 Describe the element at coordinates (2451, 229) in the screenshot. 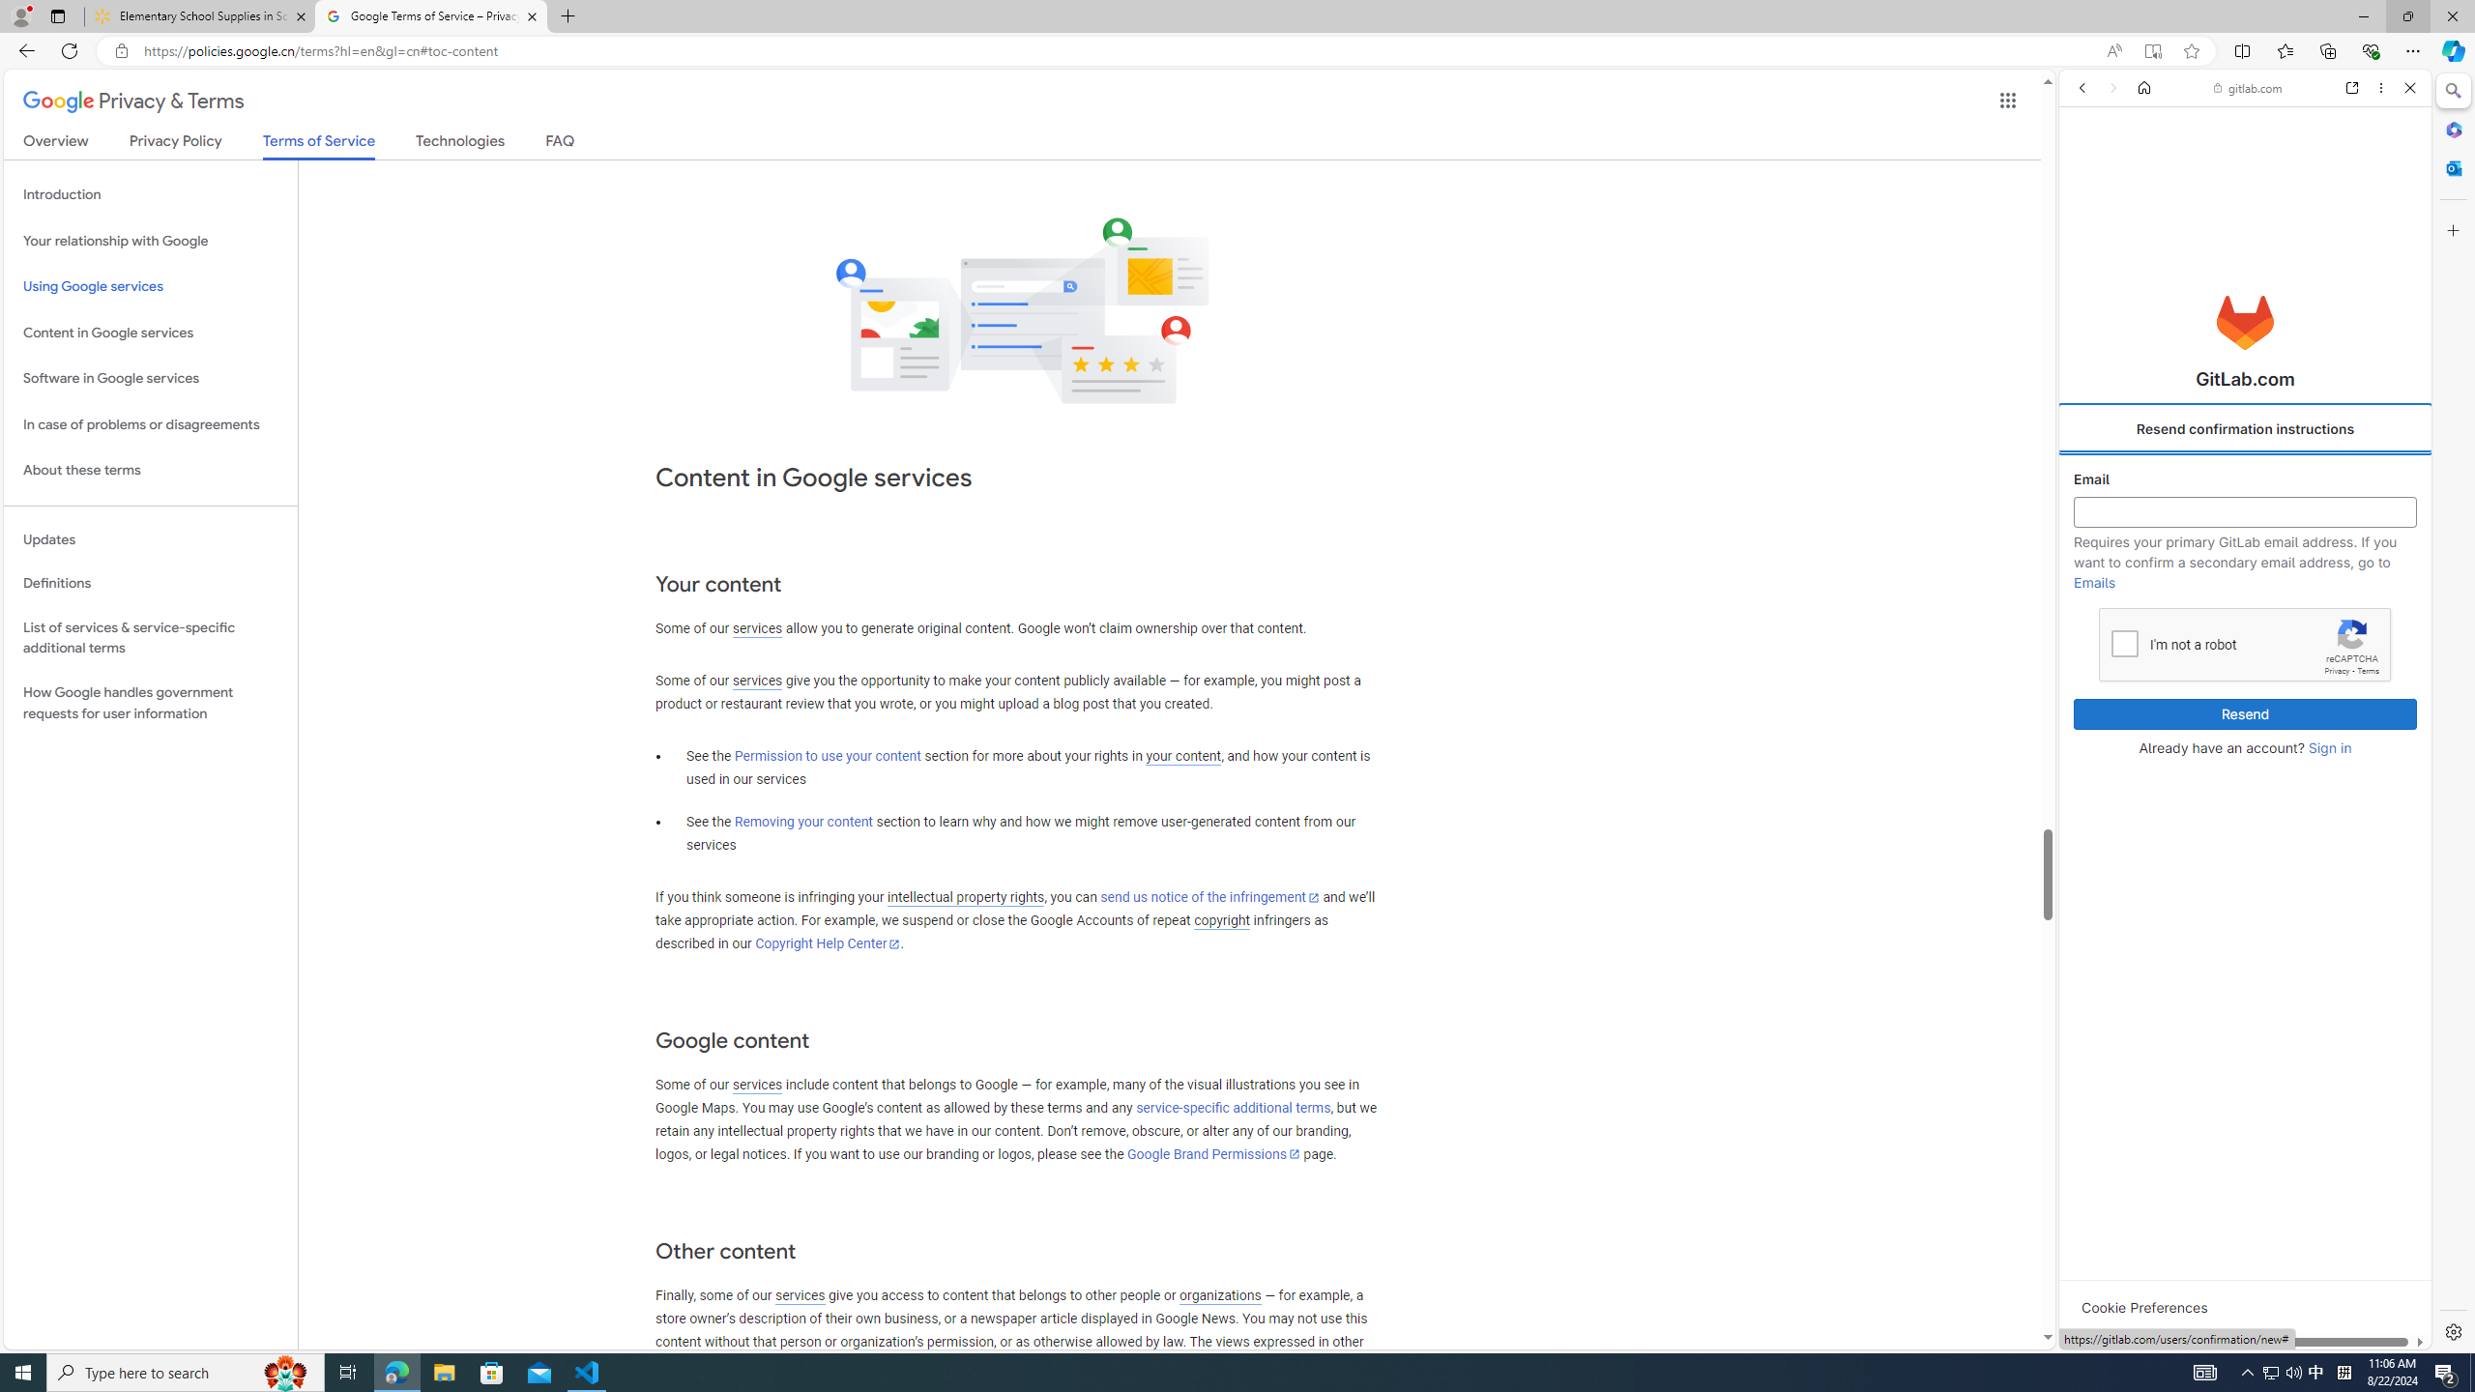

I see `'Customize'` at that location.